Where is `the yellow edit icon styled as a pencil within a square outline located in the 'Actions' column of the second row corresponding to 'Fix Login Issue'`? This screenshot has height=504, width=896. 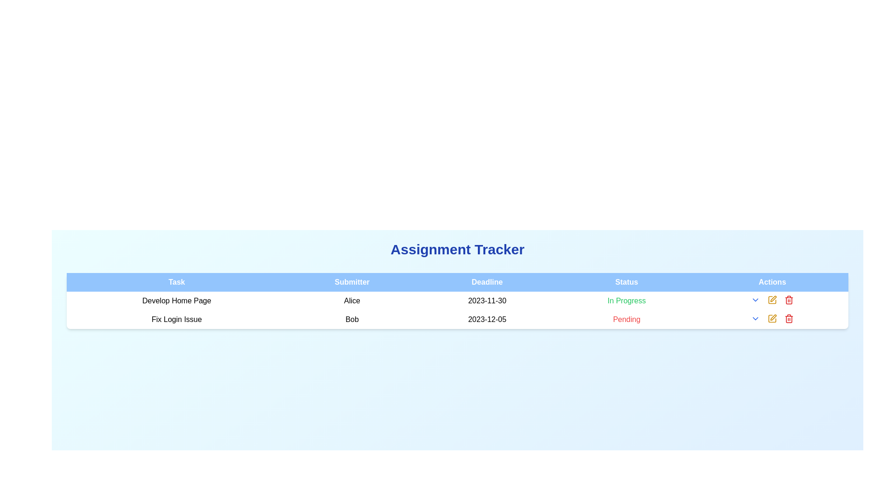
the yellow edit icon styled as a pencil within a square outline located in the 'Actions' column of the second row corresponding to 'Fix Login Issue' is located at coordinates (772, 300).